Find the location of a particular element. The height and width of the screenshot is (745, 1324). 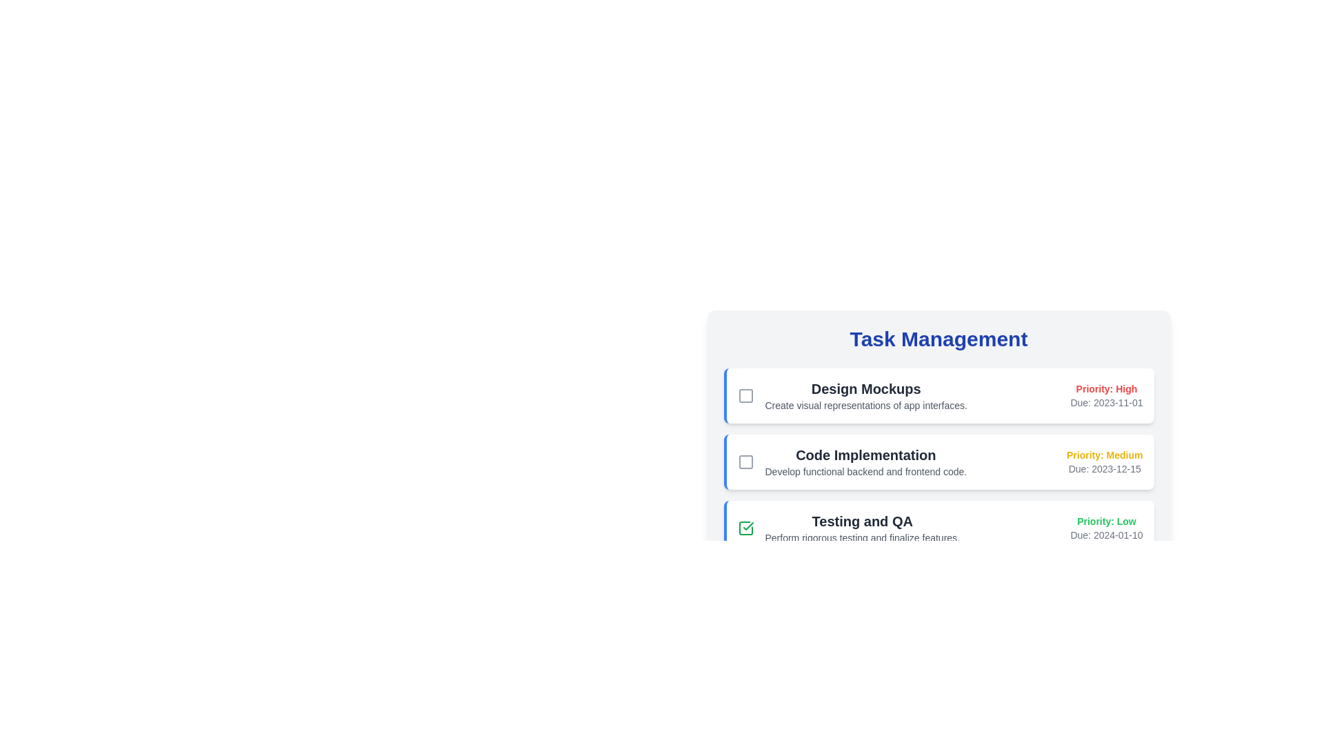

to select or focus on the first task item in the 'Task Management' section, which contains the task titled 'Design Mockups' is located at coordinates (939, 396).